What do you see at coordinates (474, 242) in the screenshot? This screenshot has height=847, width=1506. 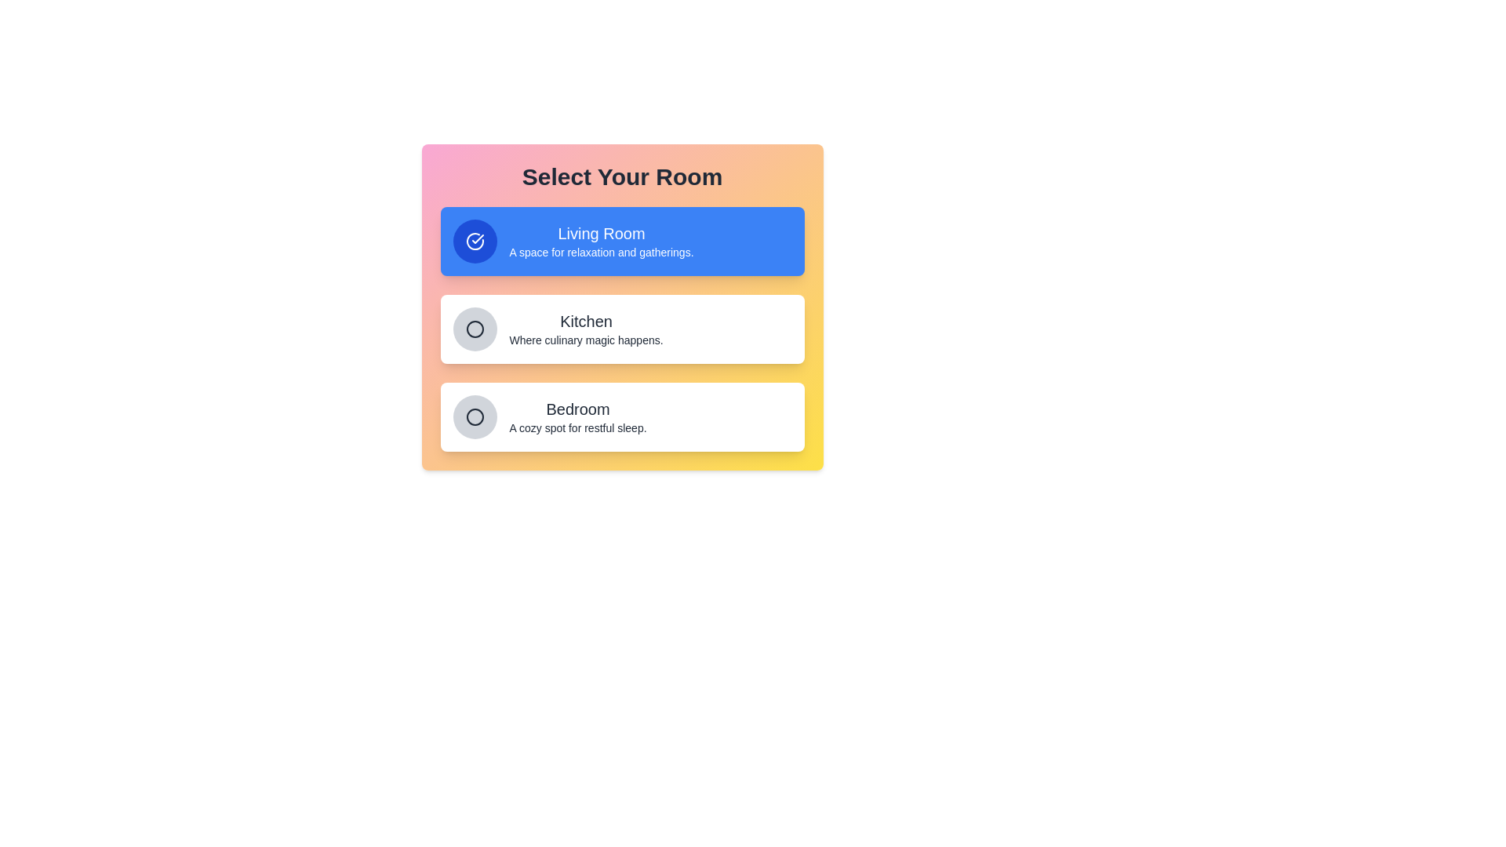 I see `the interior graphical detail of the circular icon for the 'Living Room' button to enhance visual understanding` at bounding box center [474, 242].